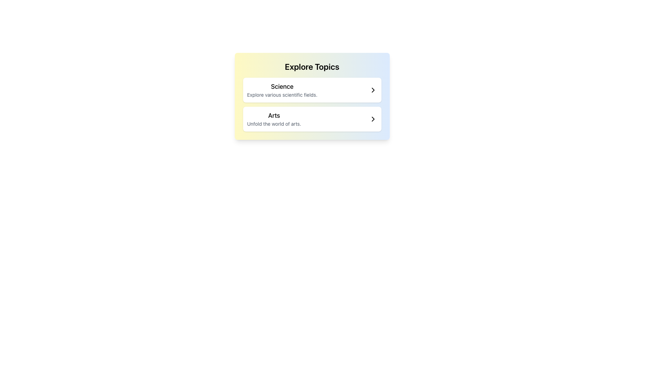 Image resolution: width=664 pixels, height=373 pixels. Describe the element at coordinates (312, 66) in the screenshot. I see `the Static Text Header located at the top of the card component, which serves as a non-interactive title for the card` at that location.